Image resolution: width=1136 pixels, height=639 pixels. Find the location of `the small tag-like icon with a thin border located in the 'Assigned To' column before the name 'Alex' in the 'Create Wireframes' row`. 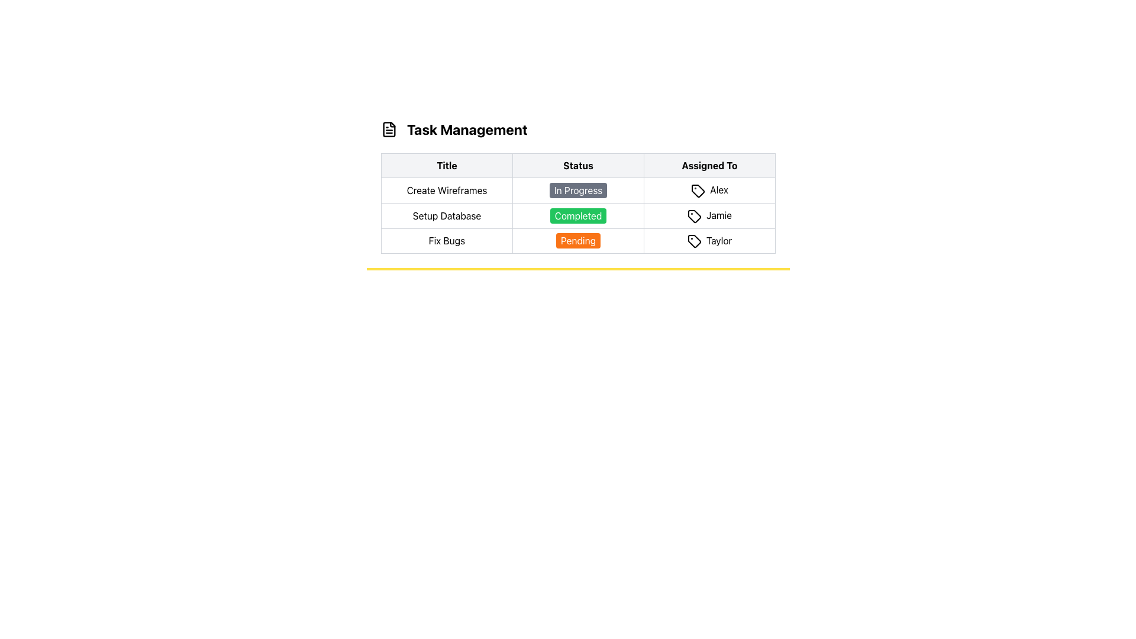

the small tag-like icon with a thin border located in the 'Assigned To' column before the name 'Alex' in the 'Create Wireframes' row is located at coordinates (698, 189).